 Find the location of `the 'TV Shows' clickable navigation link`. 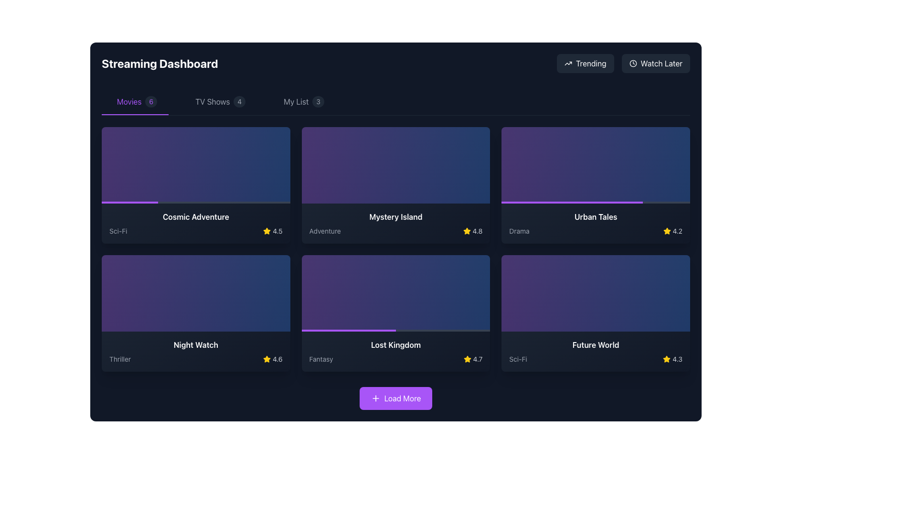

the 'TV Shows' clickable navigation link is located at coordinates (220, 101).